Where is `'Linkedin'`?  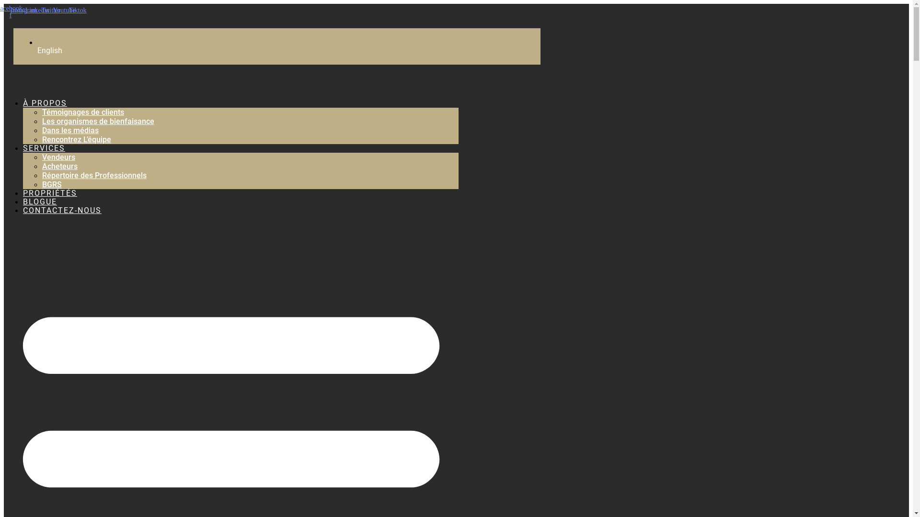 'Linkedin' is located at coordinates (37, 11).